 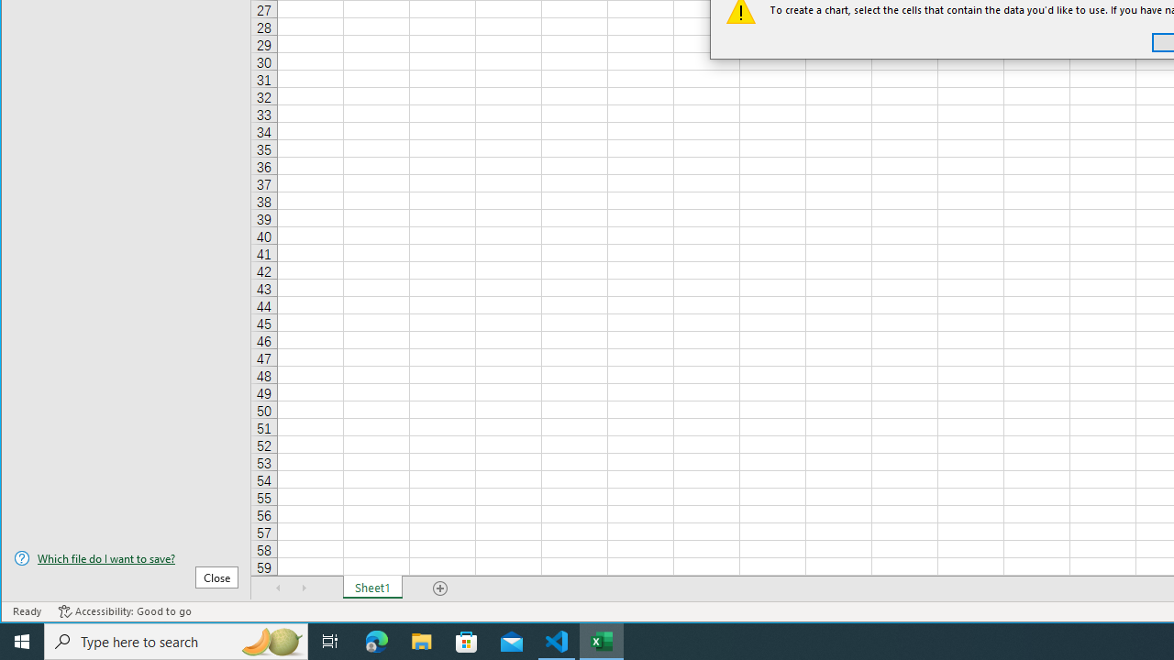 I want to click on 'Accessibility Checker Accessibility: Good to go', so click(x=124, y=611).